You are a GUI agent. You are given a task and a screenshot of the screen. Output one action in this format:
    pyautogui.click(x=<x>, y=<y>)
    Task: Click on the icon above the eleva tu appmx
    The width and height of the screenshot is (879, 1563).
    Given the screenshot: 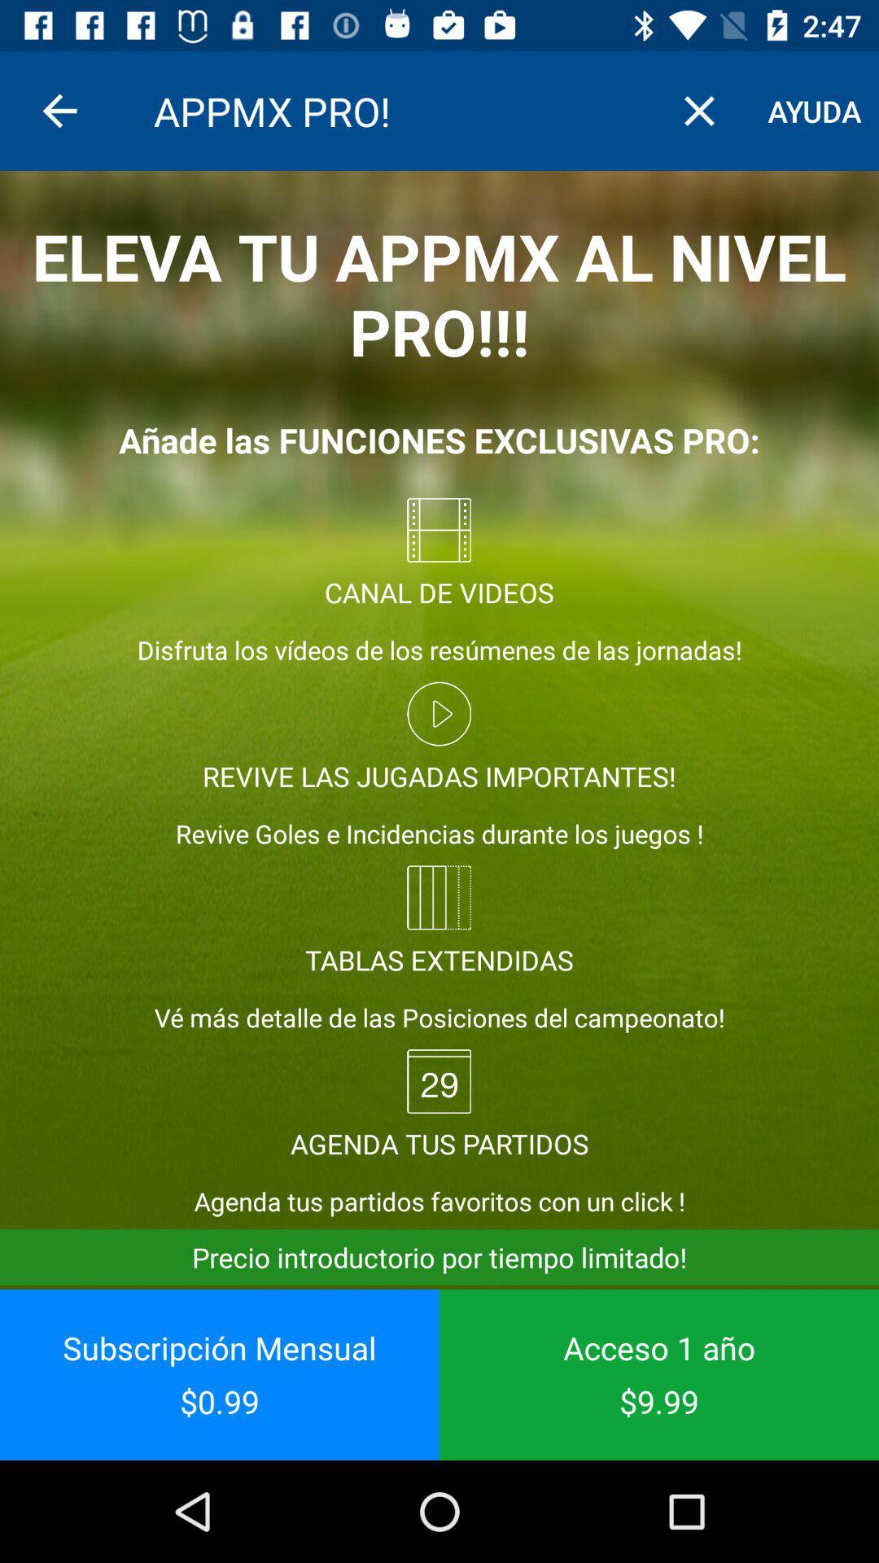 What is the action you would take?
    pyautogui.click(x=815, y=110)
    